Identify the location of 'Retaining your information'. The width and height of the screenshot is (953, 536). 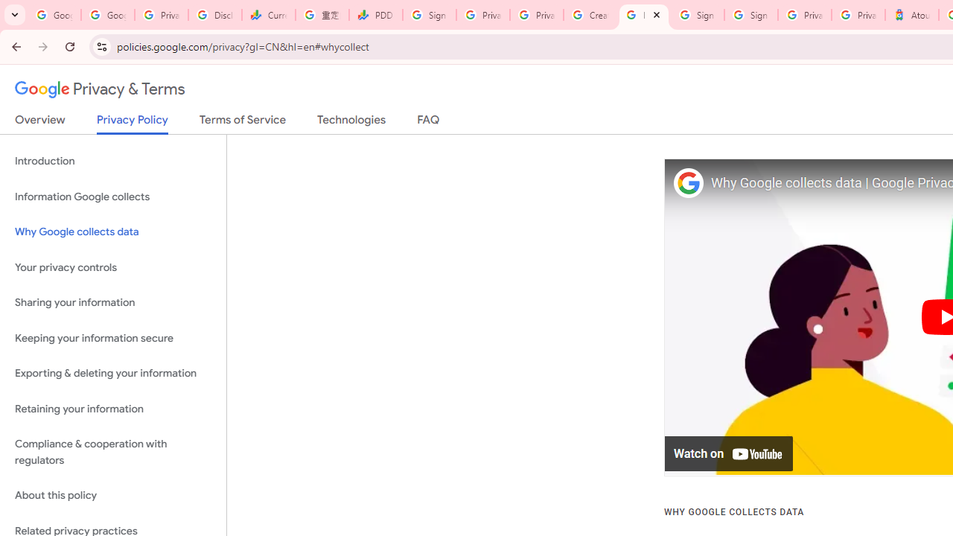
(112, 409).